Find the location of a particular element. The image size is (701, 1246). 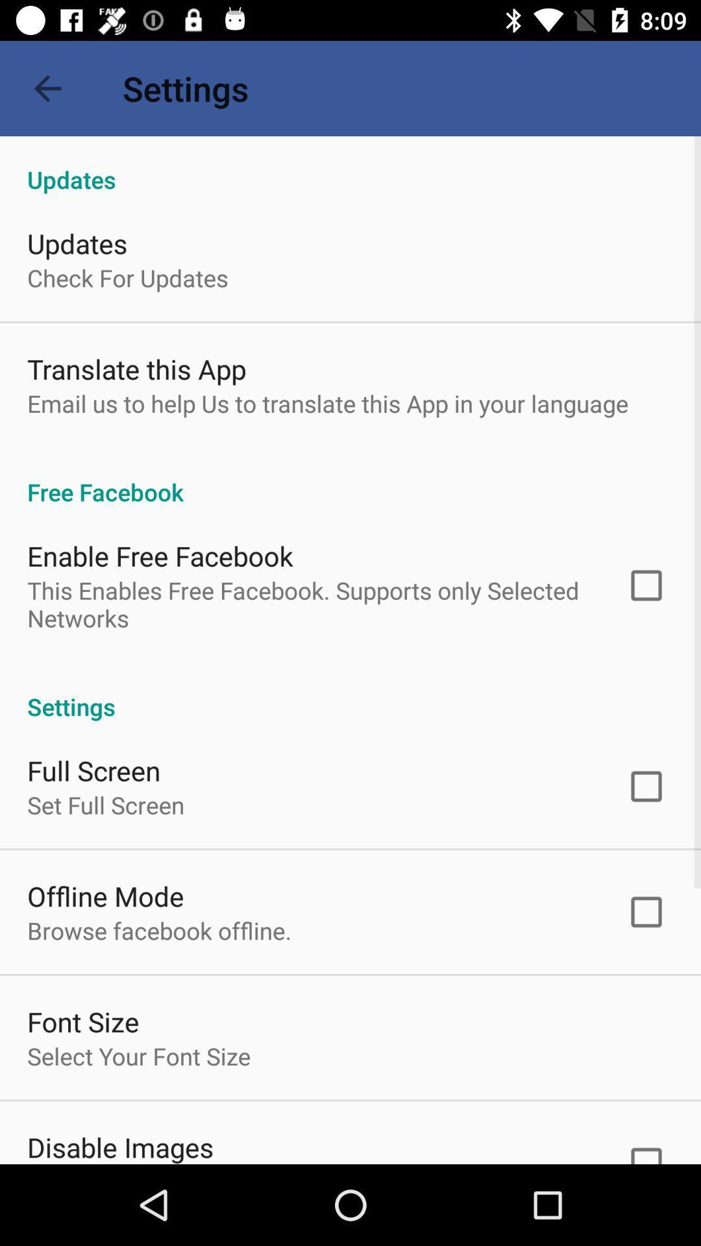

the item above the free facebook app is located at coordinates (327, 402).